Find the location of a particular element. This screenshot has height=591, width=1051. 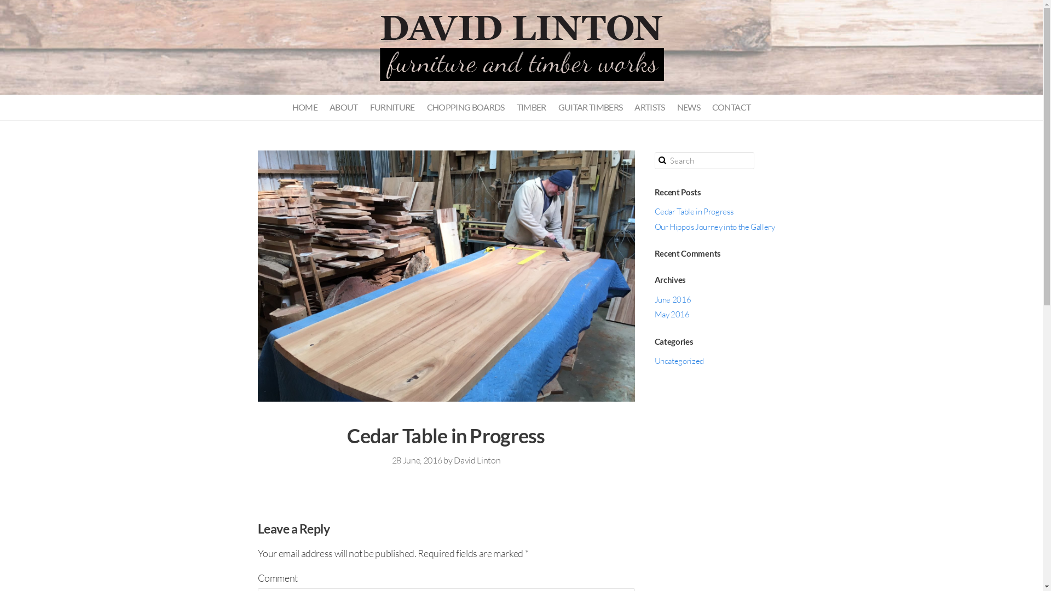

'HOME' is located at coordinates (304, 107).